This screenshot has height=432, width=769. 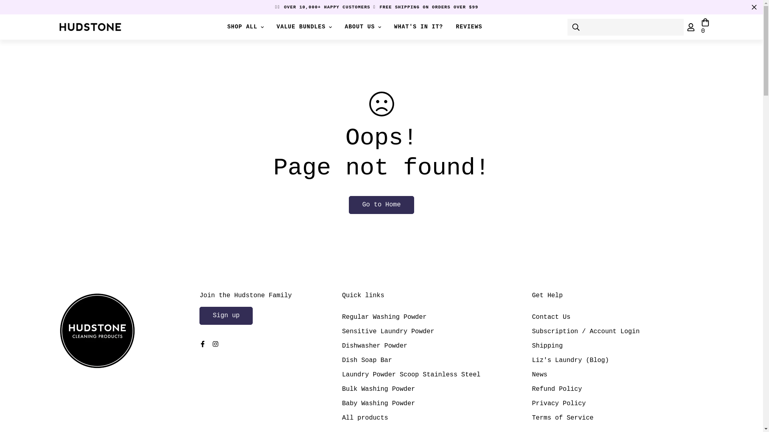 I want to click on 'Sign up', so click(x=225, y=315).